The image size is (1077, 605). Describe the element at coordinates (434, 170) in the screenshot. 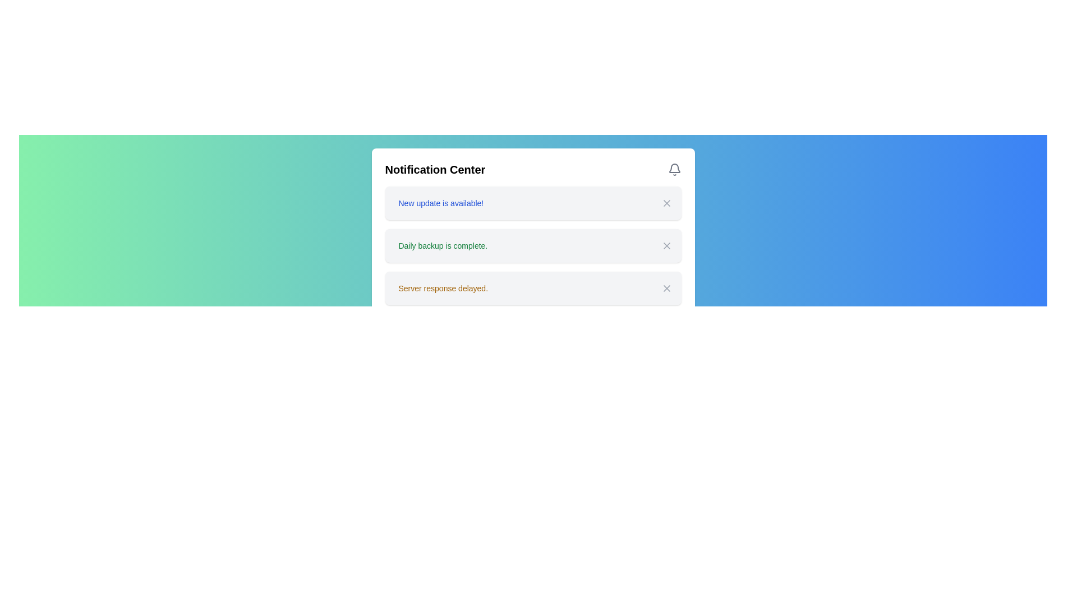

I see `bold-text title 'Notification Center' located at the top left of the notification widget` at that location.